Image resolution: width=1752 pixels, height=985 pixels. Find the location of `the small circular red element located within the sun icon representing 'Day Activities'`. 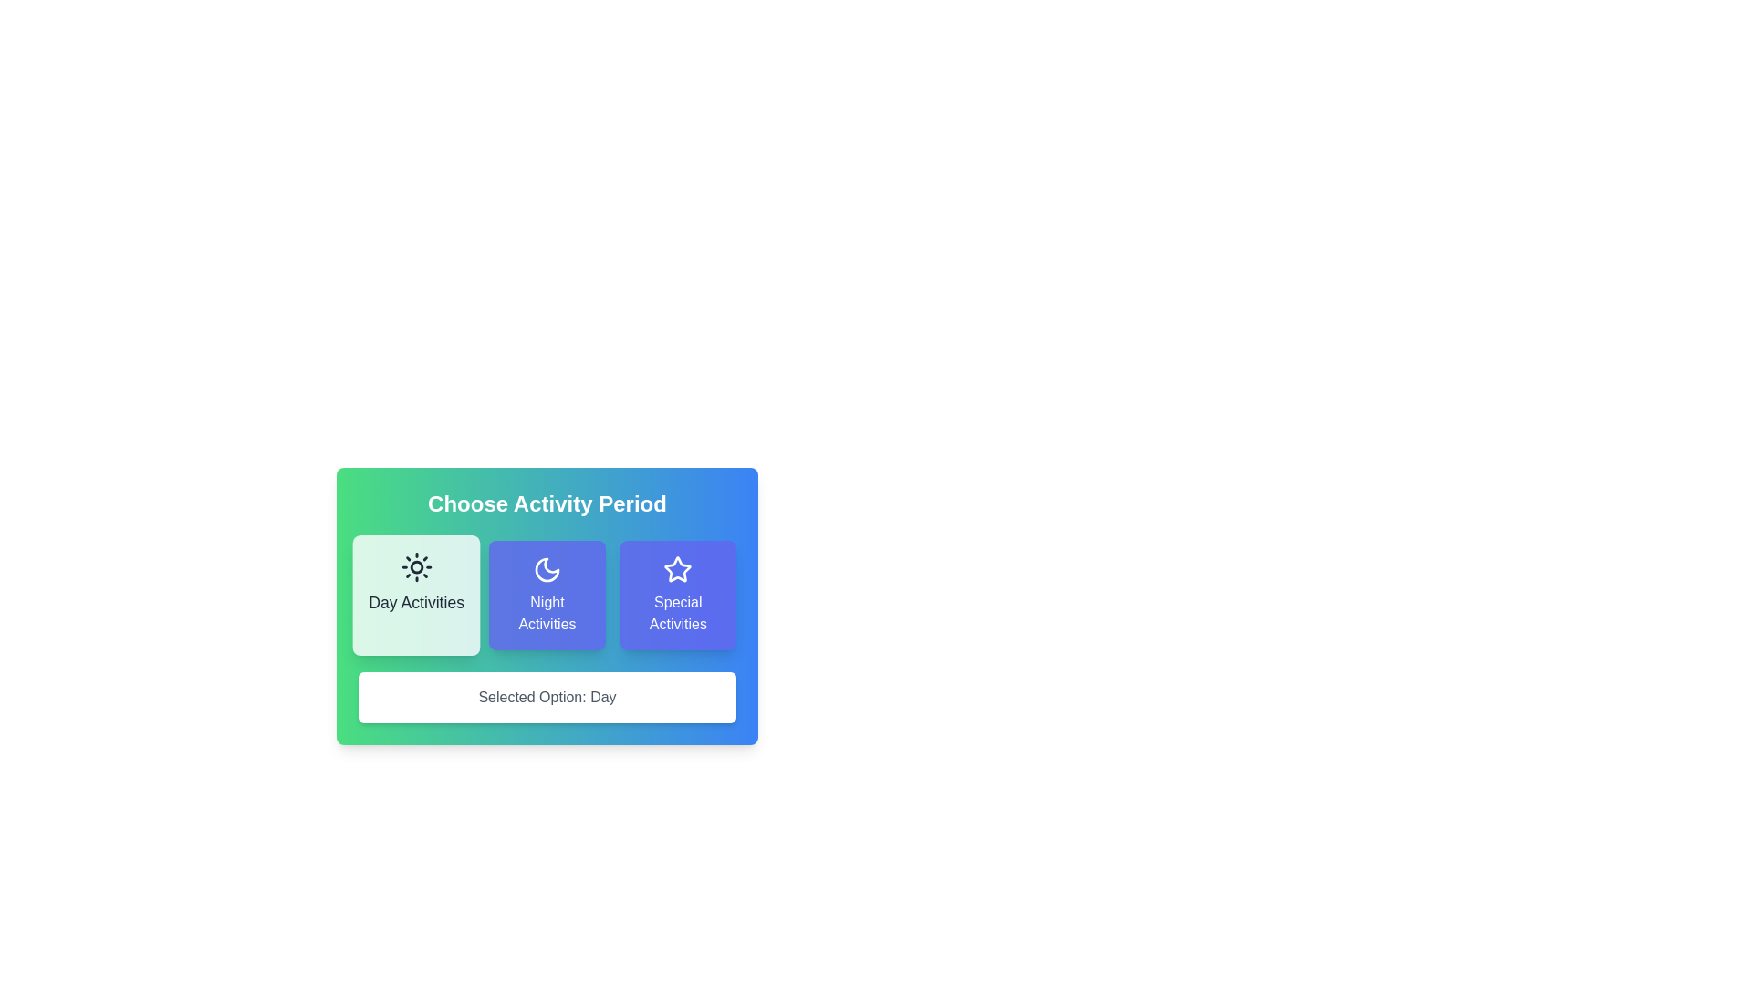

the small circular red element located within the sun icon representing 'Day Activities' is located at coordinates (415, 566).